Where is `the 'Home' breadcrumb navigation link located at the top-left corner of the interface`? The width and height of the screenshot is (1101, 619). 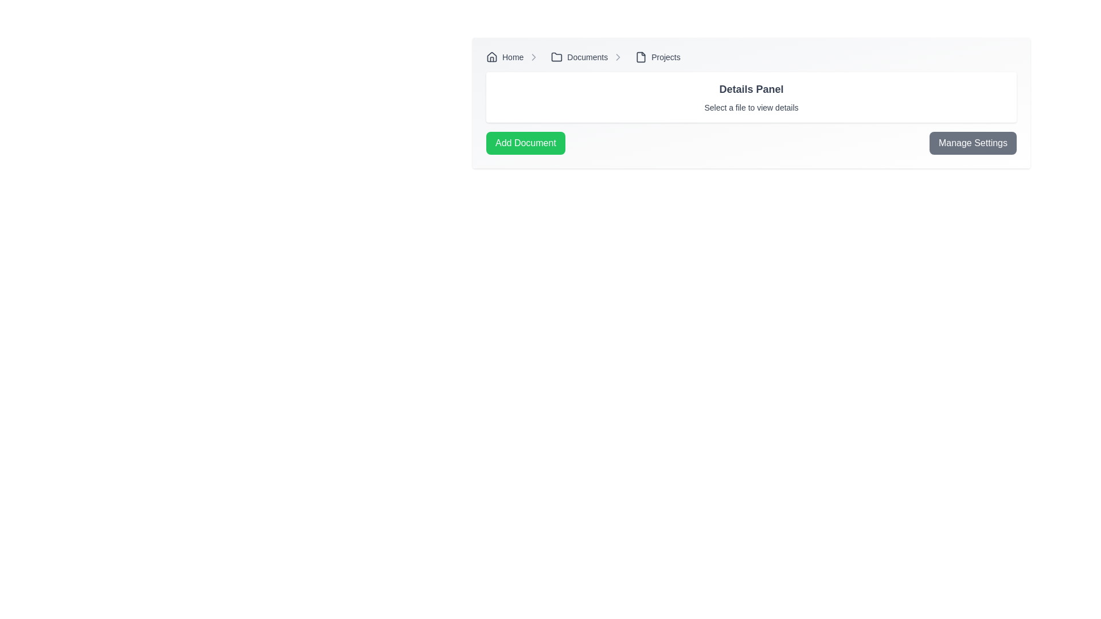
the 'Home' breadcrumb navigation link located at the top-left corner of the interface is located at coordinates (505, 57).